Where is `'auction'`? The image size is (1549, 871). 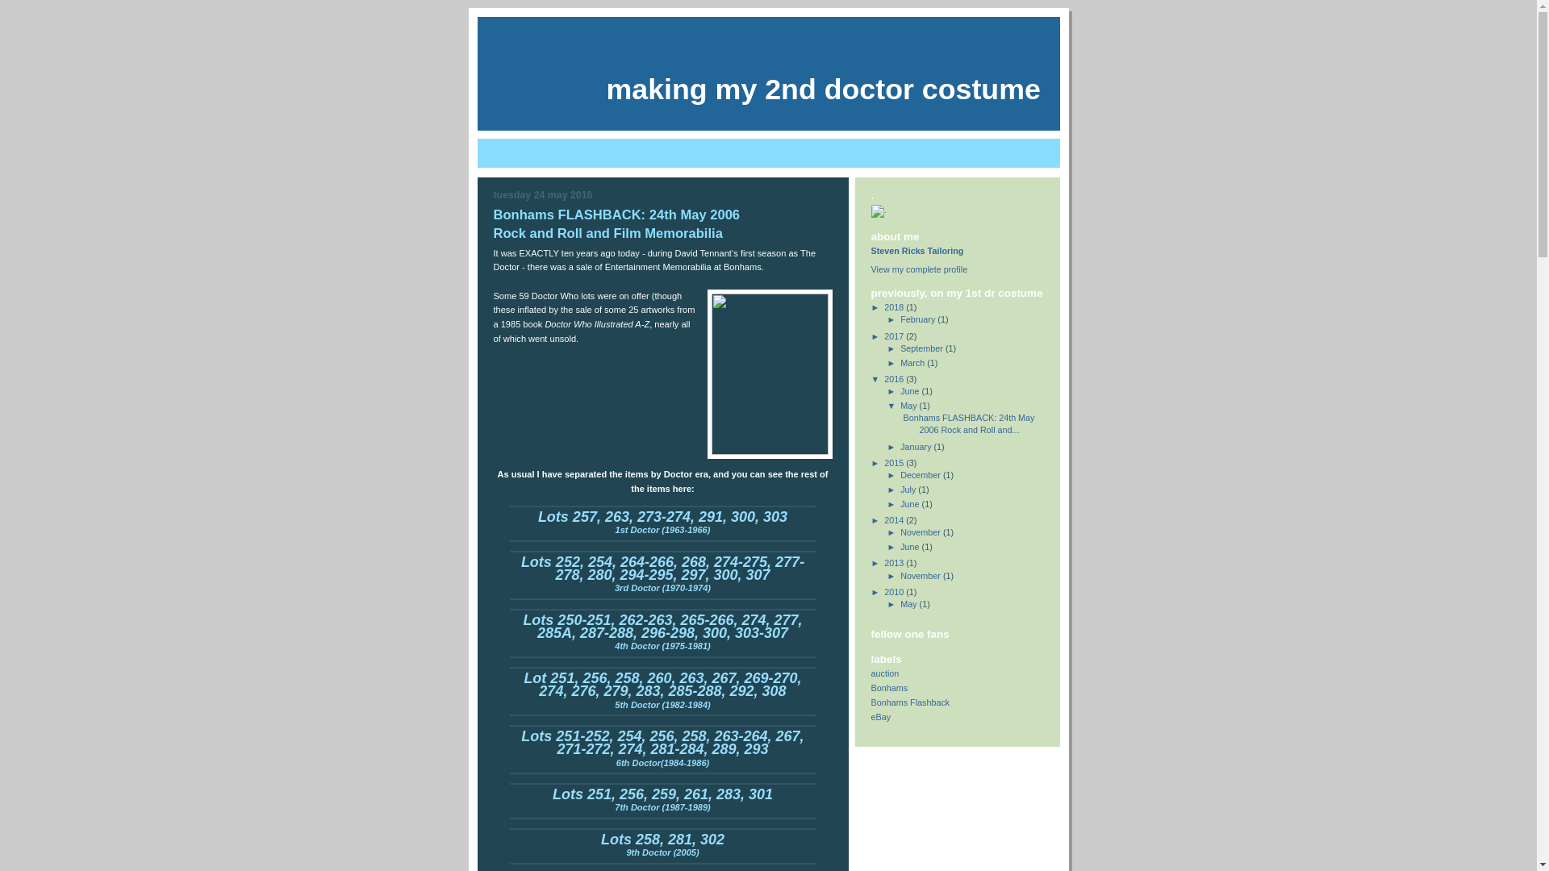 'auction' is located at coordinates (884, 673).